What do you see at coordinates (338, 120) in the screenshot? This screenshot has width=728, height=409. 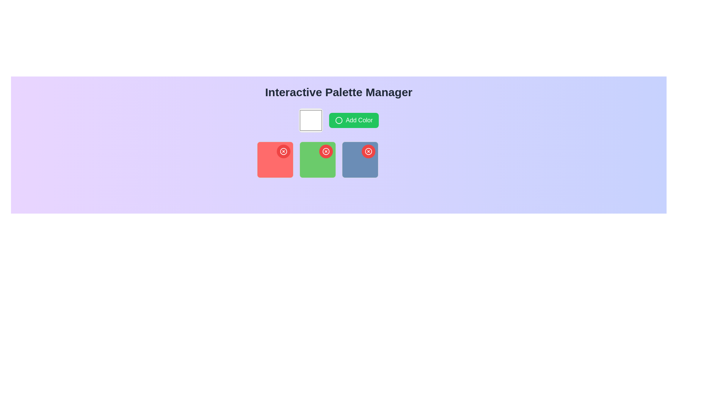 I see `the Circle graphic, which is centered within the green square card located in the second row and second column of the grid layout` at bounding box center [338, 120].